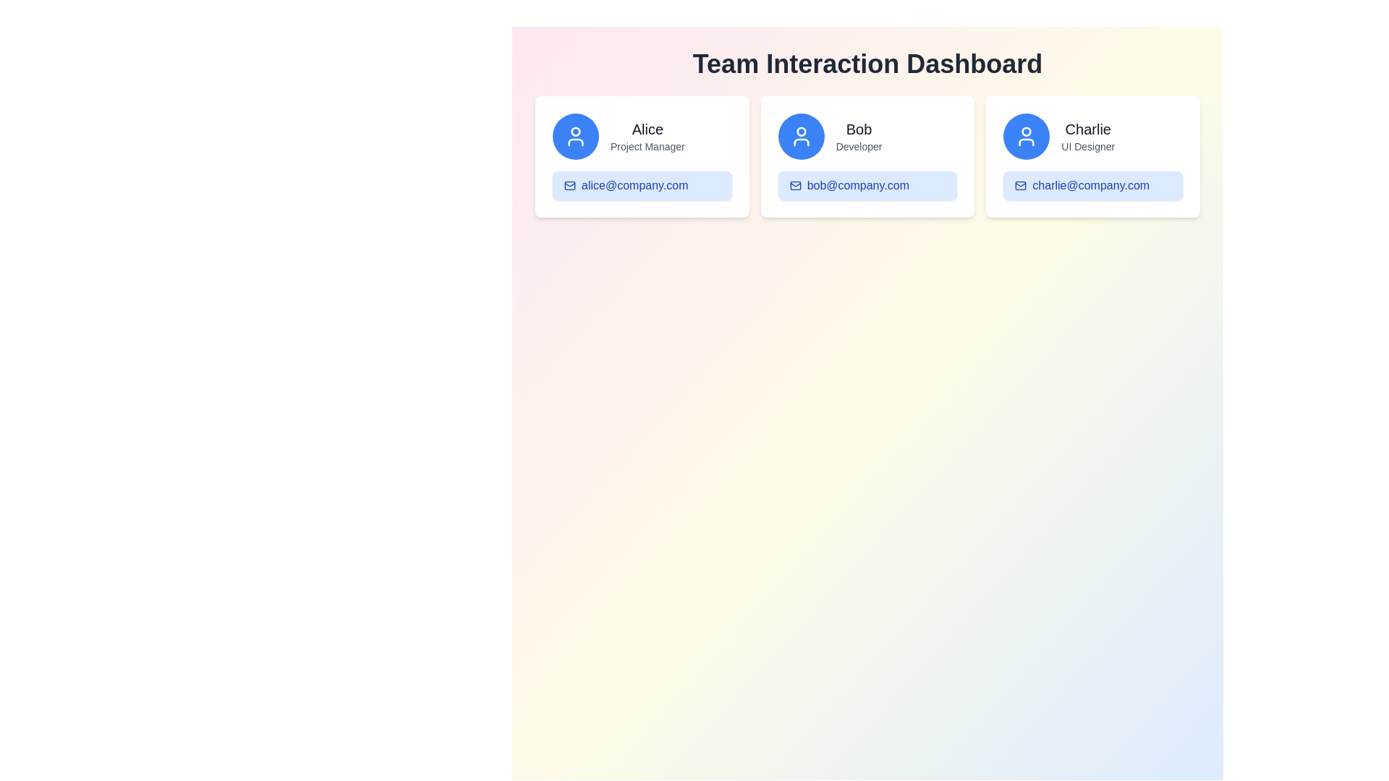 This screenshot has width=1389, height=781. Describe the element at coordinates (1020, 185) in the screenshot. I see `the envelope icon located on the far right of the 'Charlie' card in the 'Team Interaction Dashboard', which serves as a visual indicator for email` at that location.